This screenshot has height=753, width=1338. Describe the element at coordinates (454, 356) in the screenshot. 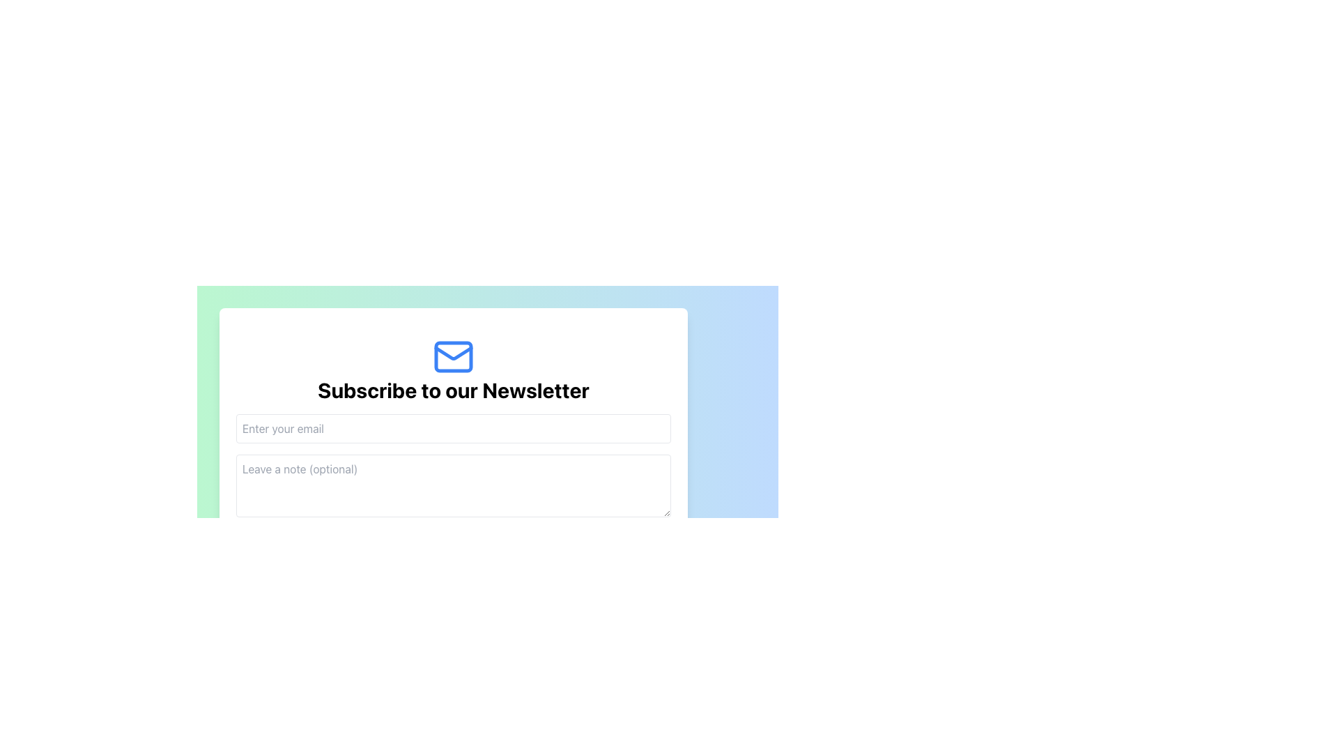

I see `the subscription icon located above the text title in the 'Subscribe to our Newsletter' box` at that location.